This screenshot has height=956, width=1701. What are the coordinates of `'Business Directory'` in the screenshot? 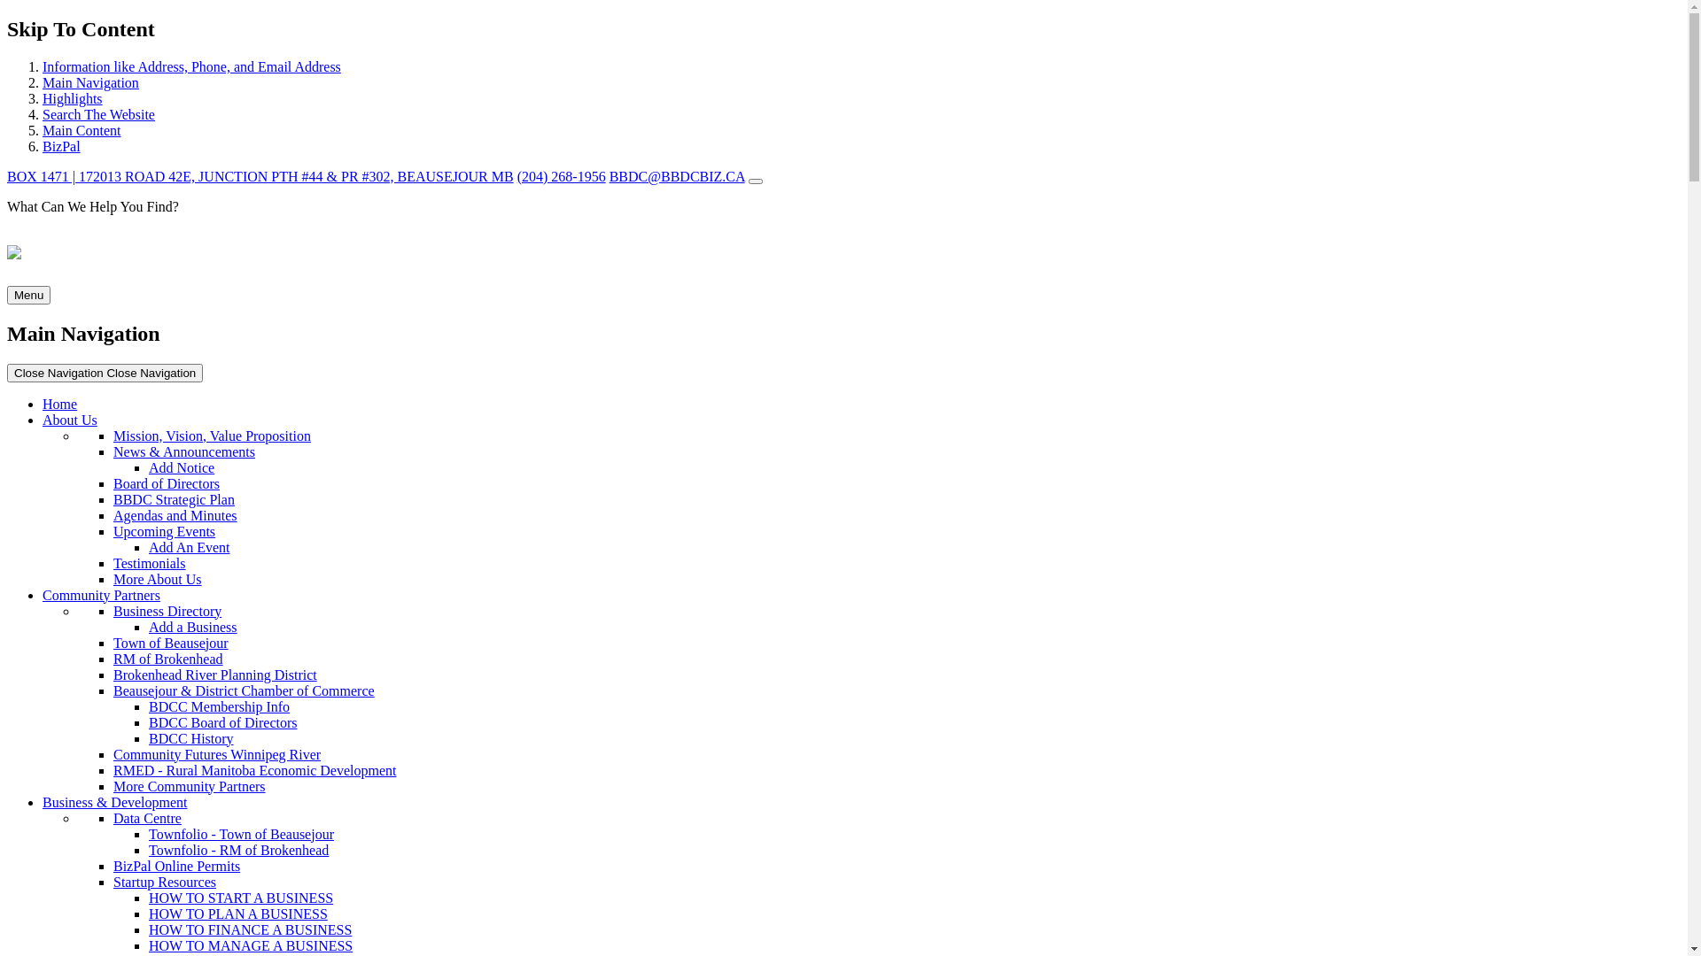 It's located at (167, 610).